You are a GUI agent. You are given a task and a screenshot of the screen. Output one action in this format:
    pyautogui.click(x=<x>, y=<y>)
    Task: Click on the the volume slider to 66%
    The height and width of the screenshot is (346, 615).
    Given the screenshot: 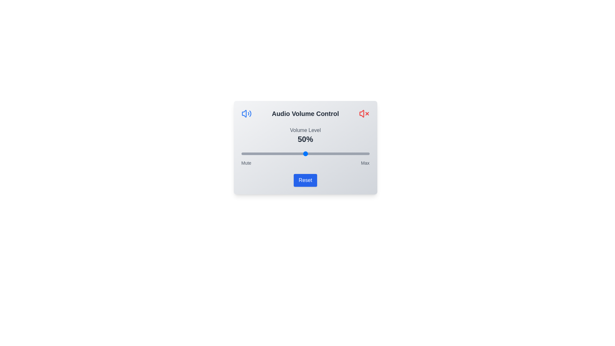 What is the action you would take?
    pyautogui.click(x=326, y=153)
    